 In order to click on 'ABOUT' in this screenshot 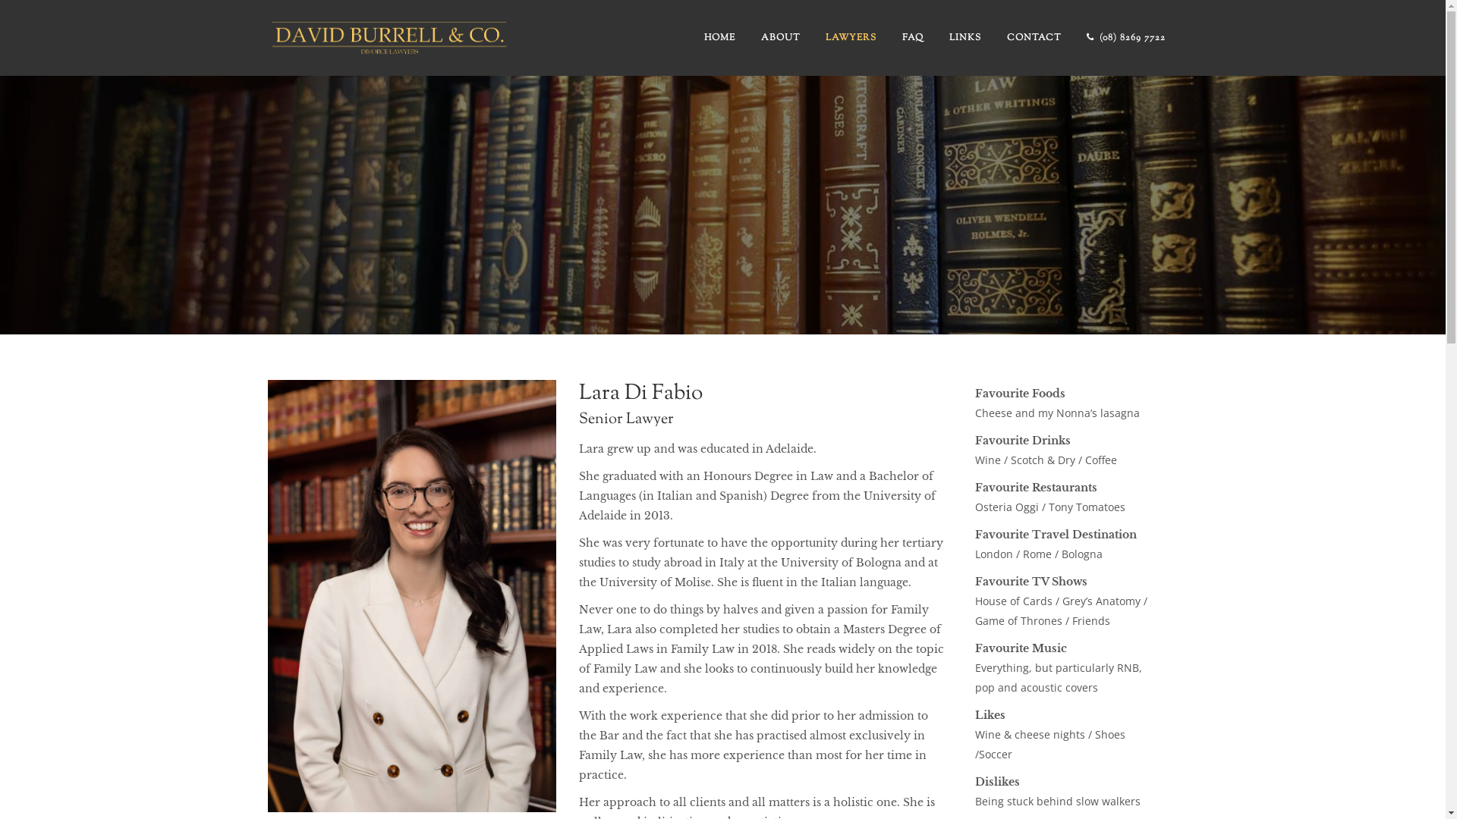, I will do `click(780, 37)`.